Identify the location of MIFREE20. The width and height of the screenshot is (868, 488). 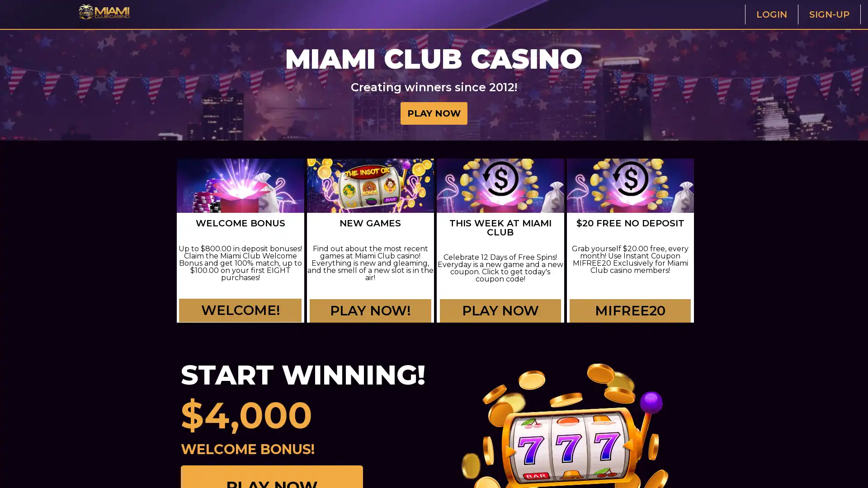
(630, 311).